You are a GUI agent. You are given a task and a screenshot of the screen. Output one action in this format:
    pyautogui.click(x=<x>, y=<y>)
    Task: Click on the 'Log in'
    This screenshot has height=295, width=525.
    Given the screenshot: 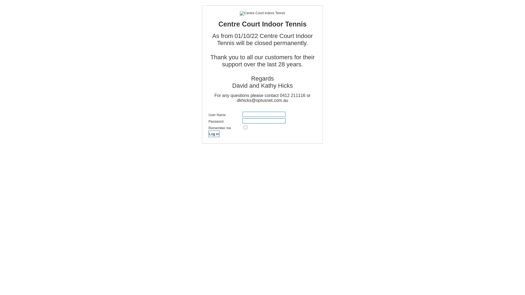 What is the action you would take?
    pyautogui.click(x=214, y=134)
    